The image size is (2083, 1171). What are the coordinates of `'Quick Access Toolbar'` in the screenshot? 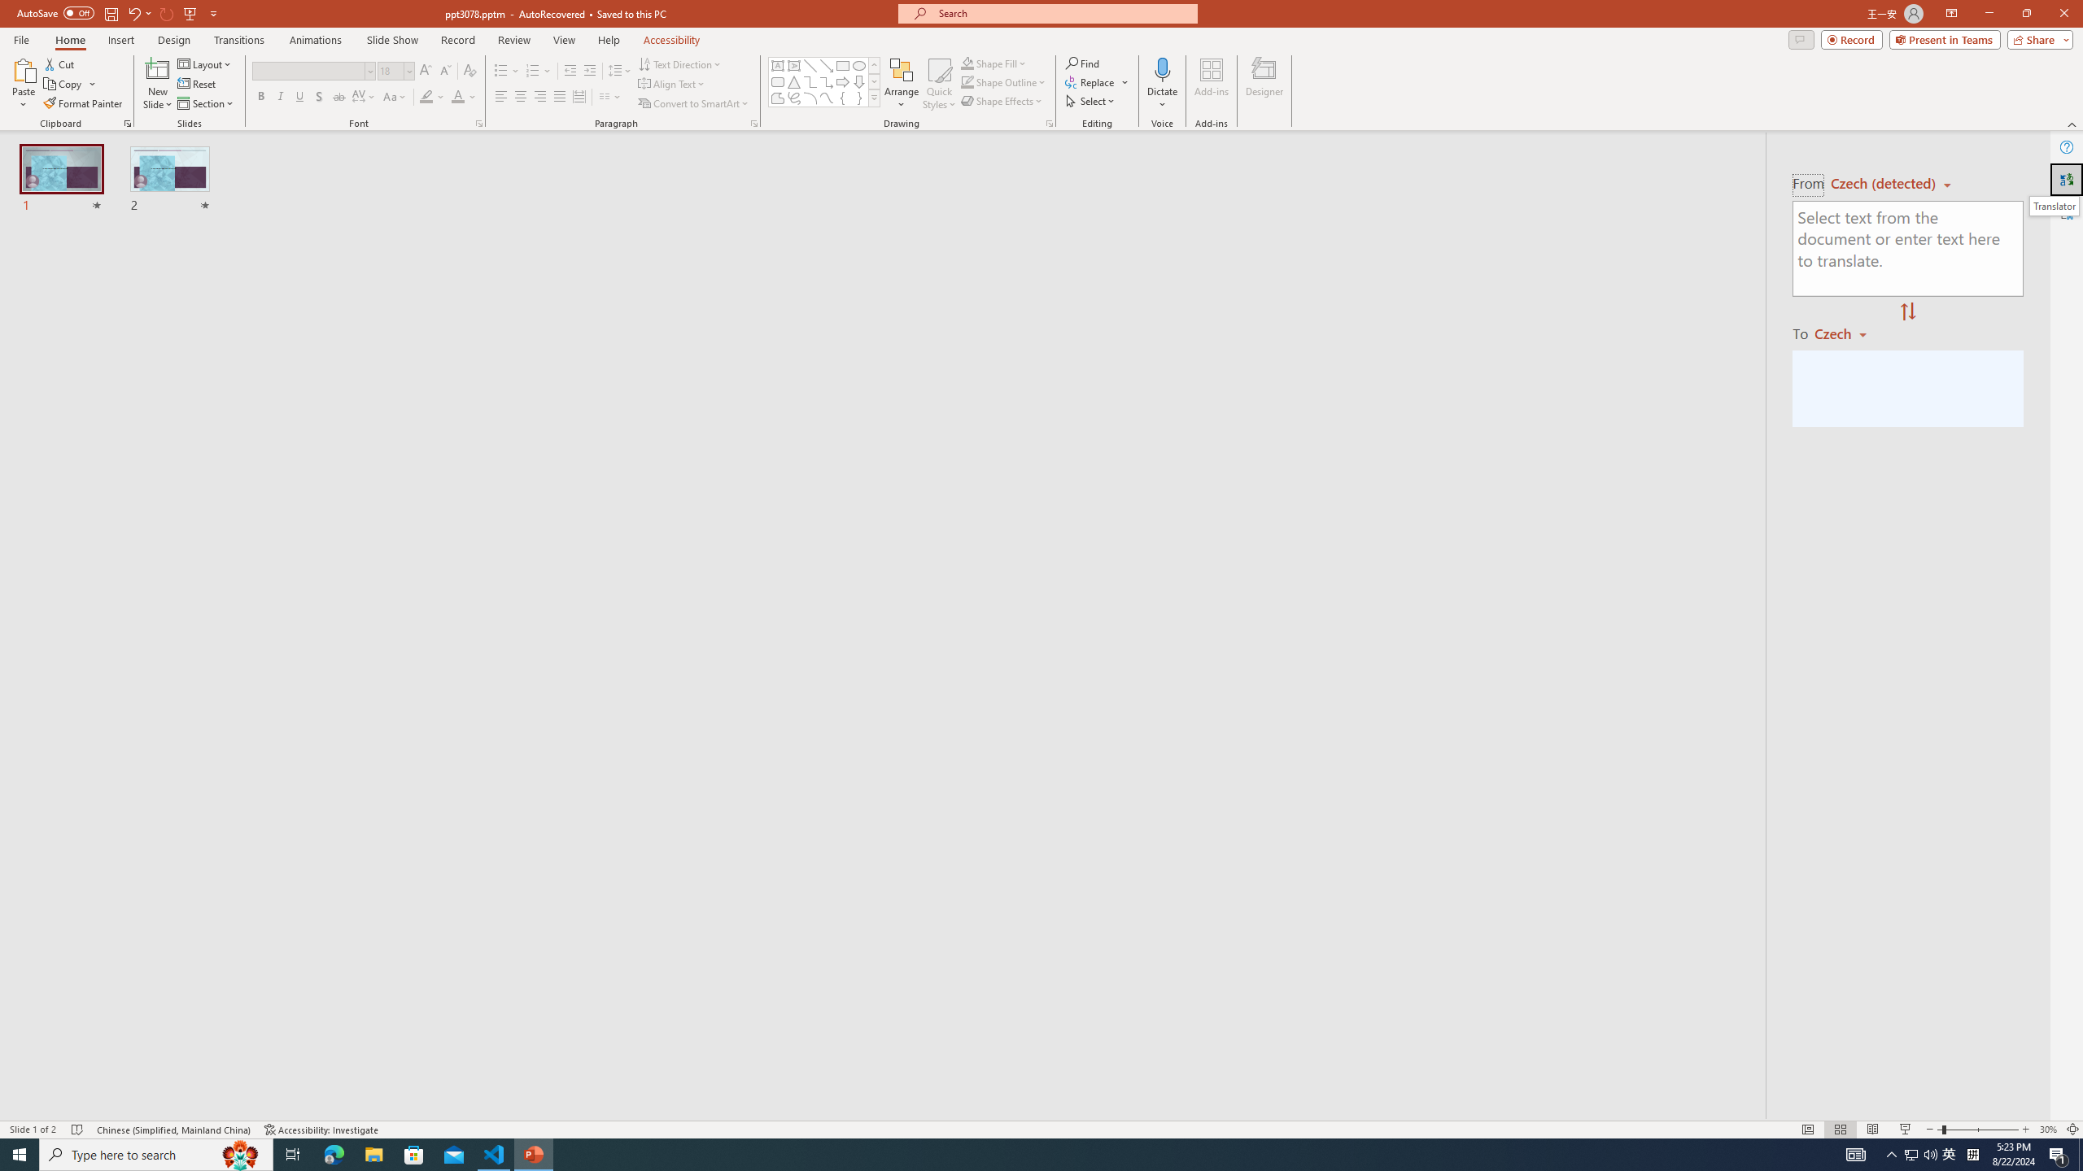 It's located at (117, 13).